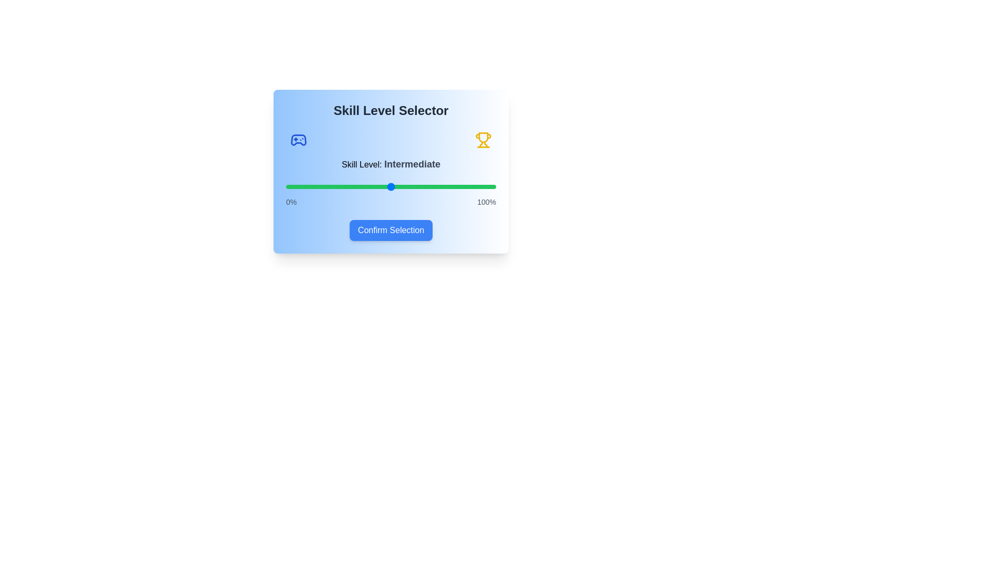 The image size is (1008, 567). What do you see at coordinates (487, 186) in the screenshot?
I see `the skill level slider to 96%, where 96 is a value between 0 and 100` at bounding box center [487, 186].